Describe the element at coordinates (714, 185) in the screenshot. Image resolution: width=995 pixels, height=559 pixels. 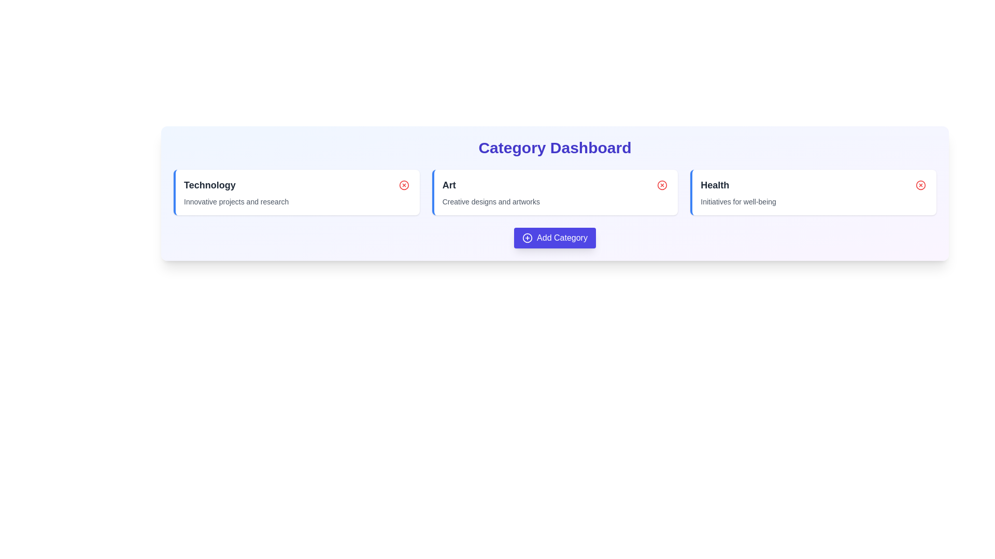
I see `the 'Health' text label in the rightmost card under 'Category Dashboard' if it has interactive functionality` at that location.